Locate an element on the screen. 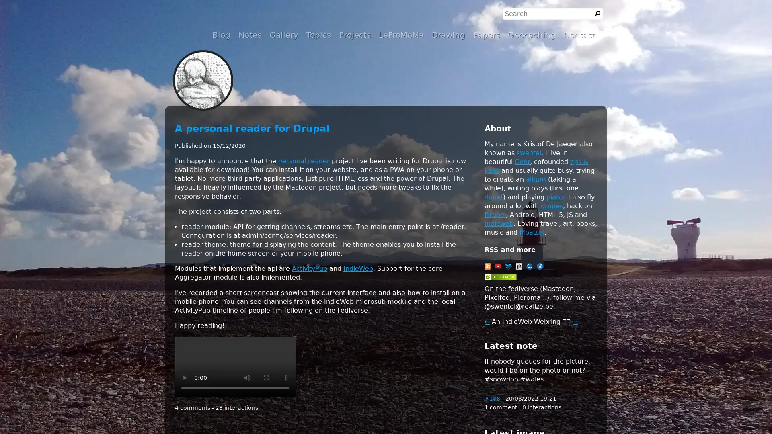 Image resolution: width=772 pixels, height=434 pixels. Search is located at coordinates (597, 14).